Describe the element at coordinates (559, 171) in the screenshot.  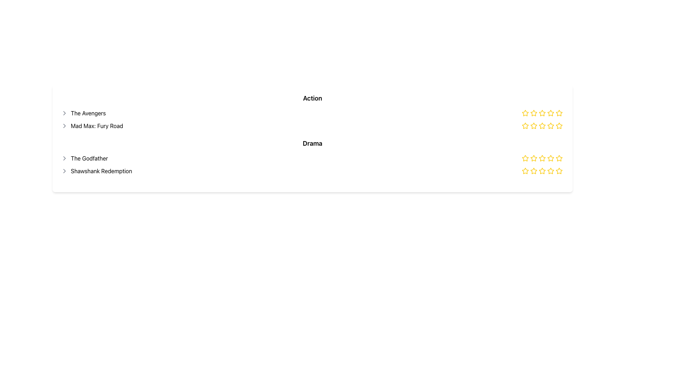
I see `the fifth star icon in the rating scale for the movie 'Shawshank Redemption' under the 'Drama' category` at that location.